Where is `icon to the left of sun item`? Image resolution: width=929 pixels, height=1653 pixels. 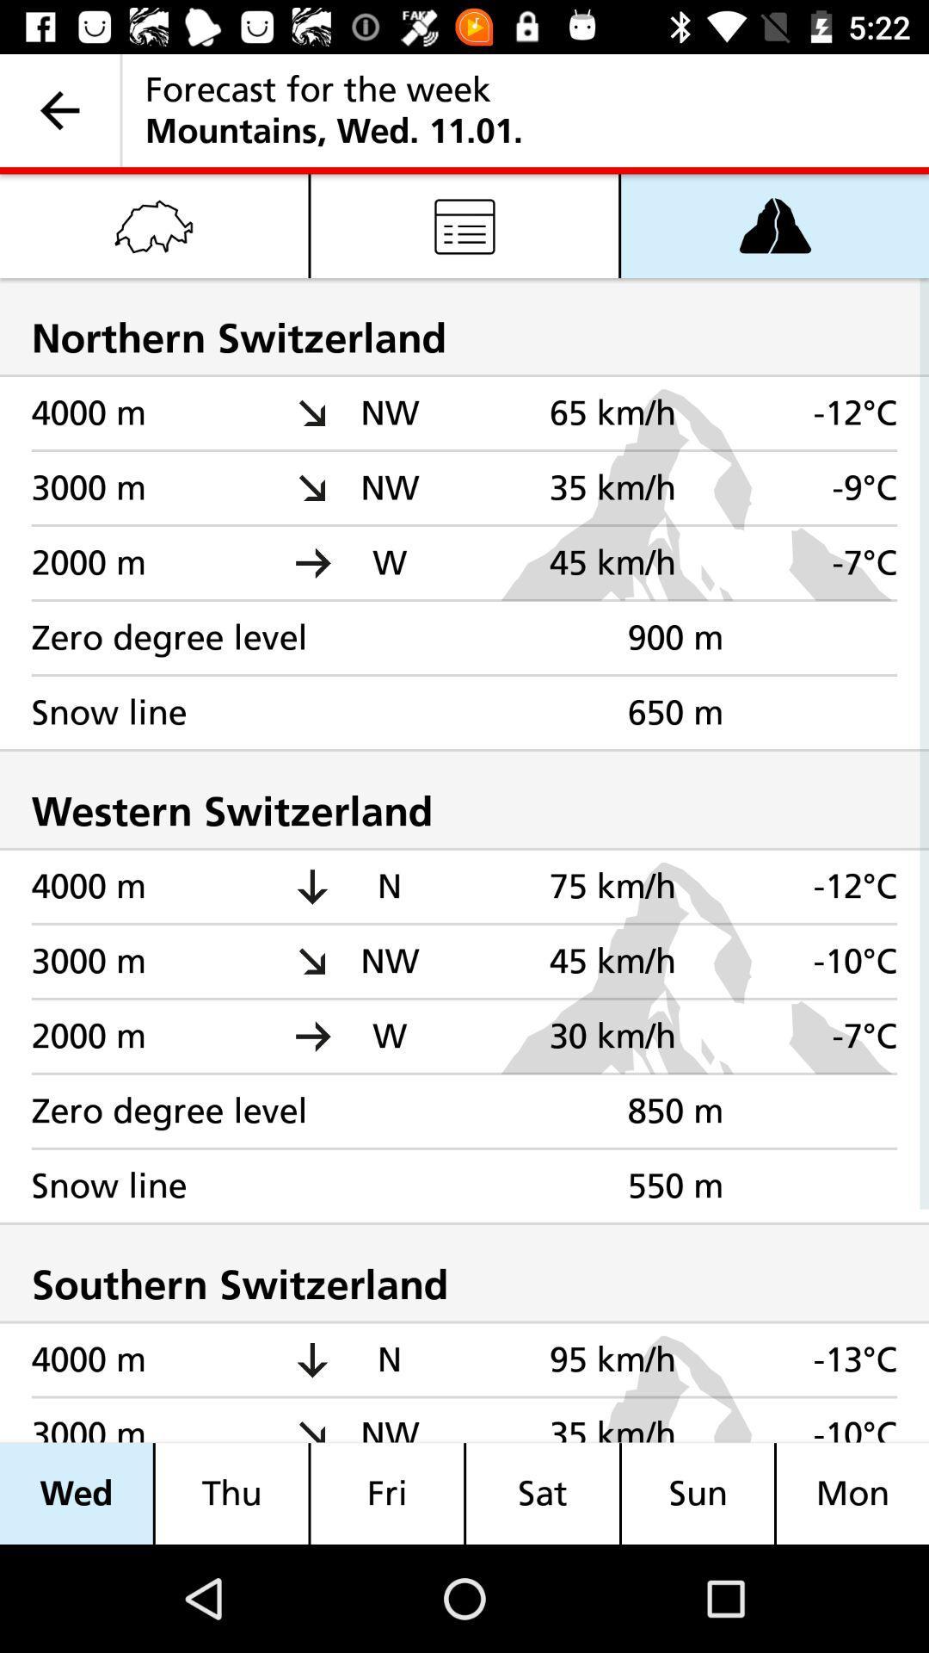 icon to the left of sun item is located at coordinates (543, 1493).